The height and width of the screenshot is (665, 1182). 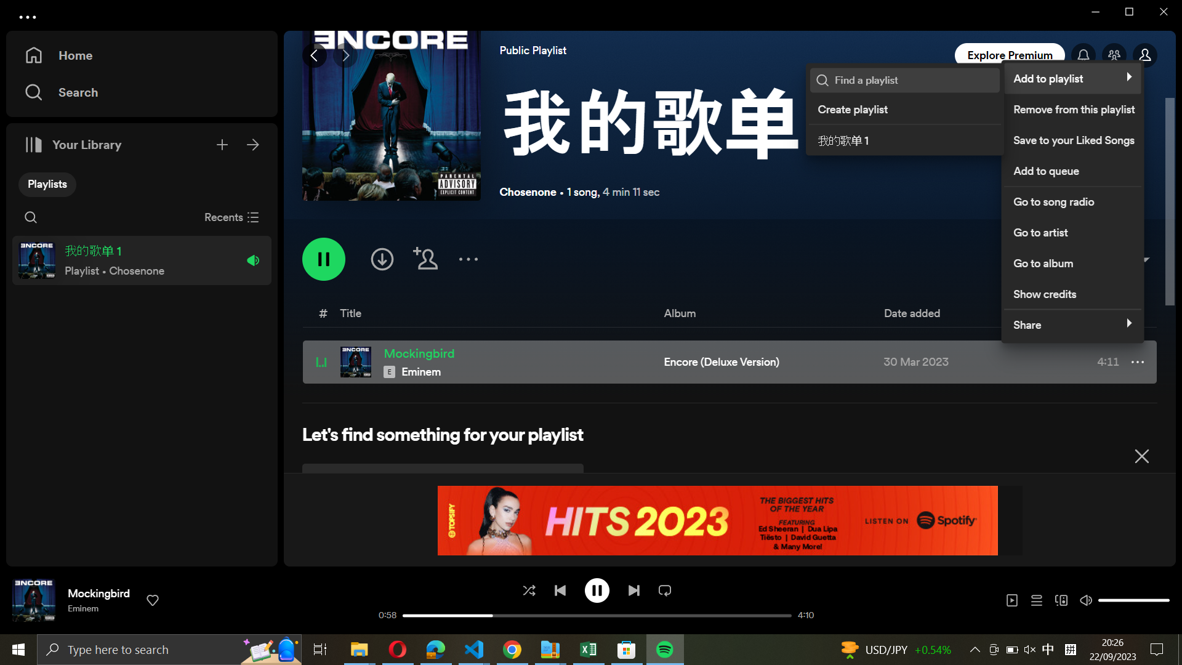 What do you see at coordinates (153, 599) in the screenshot?
I see `Give thumbs up to song` at bounding box center [153, 599].